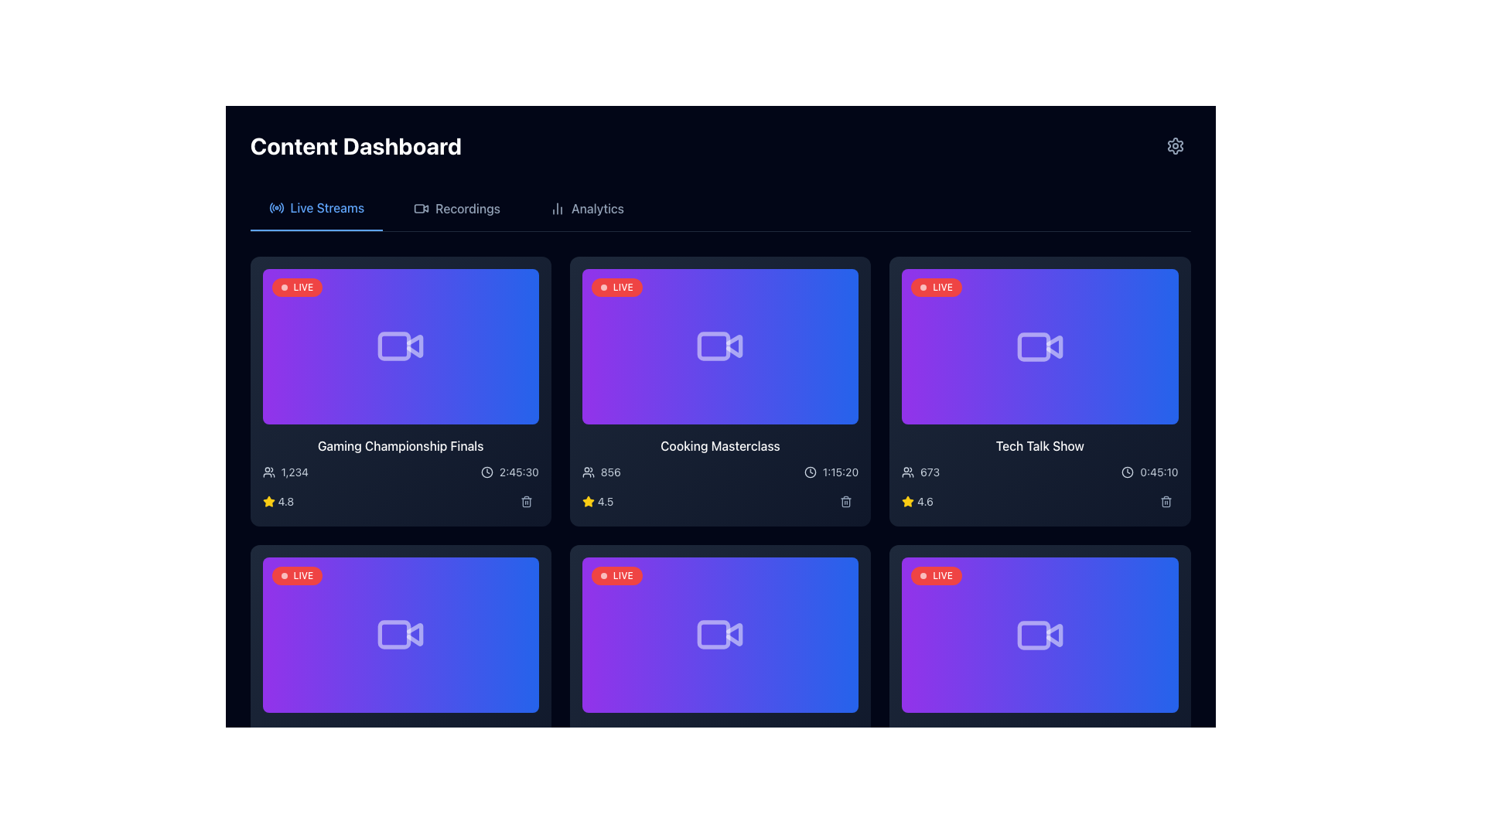 The width and height of the screenshot is (1485, 835). What do you see at coordinates (401, 346) in the screenshot?
I see `the video camera icon, which is located in the top-left video card of a grid, styled in white with reduced opacity against a gradient background` at bounding box center [401, 346].